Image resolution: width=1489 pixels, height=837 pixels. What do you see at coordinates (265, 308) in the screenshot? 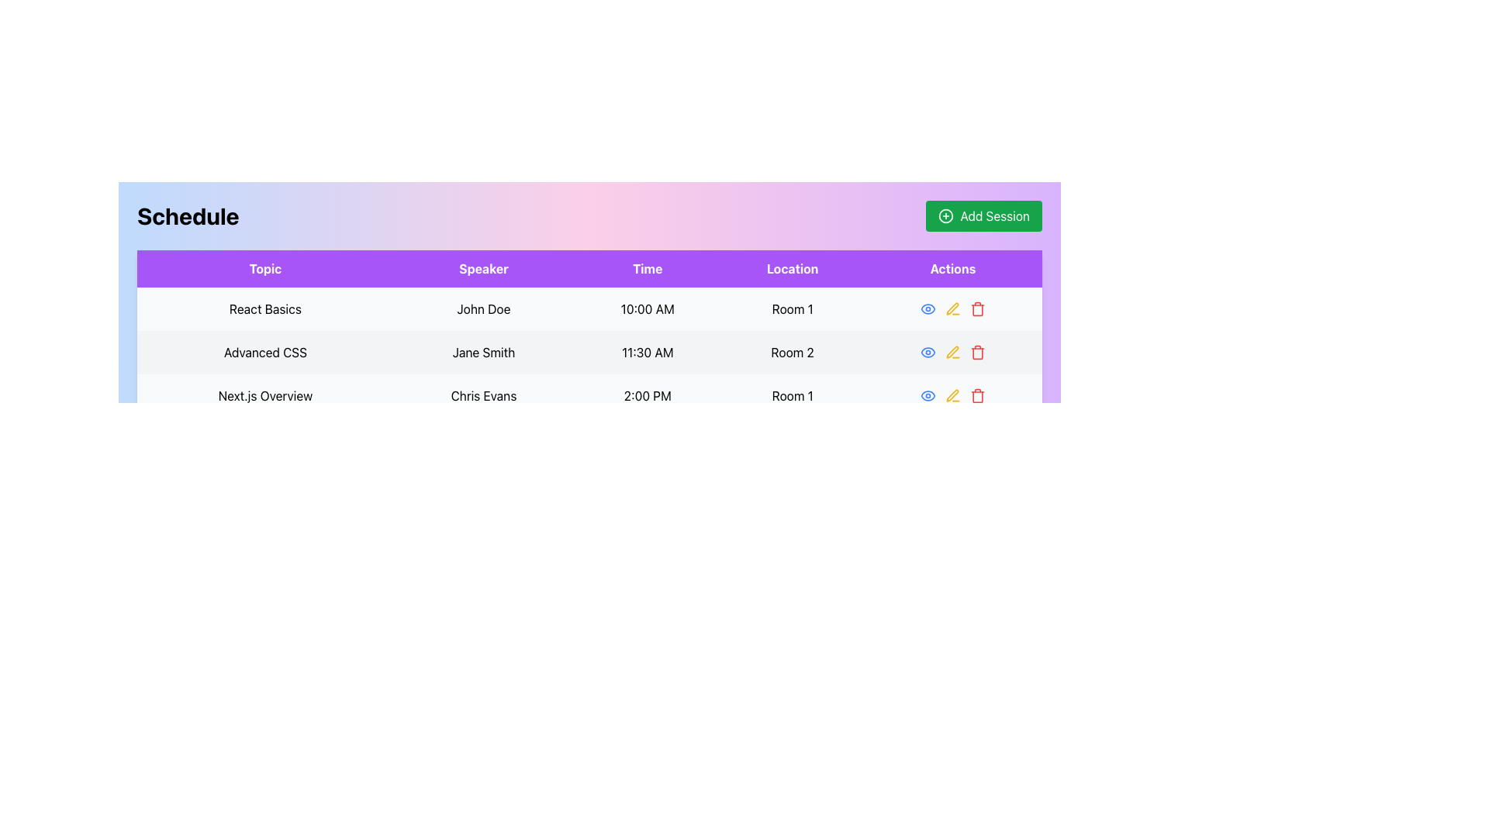
I see `the text label 'React Basics' displayed in bold, black font in the first row of the table under the 'Topic' column` at bounding box center [265, 308].